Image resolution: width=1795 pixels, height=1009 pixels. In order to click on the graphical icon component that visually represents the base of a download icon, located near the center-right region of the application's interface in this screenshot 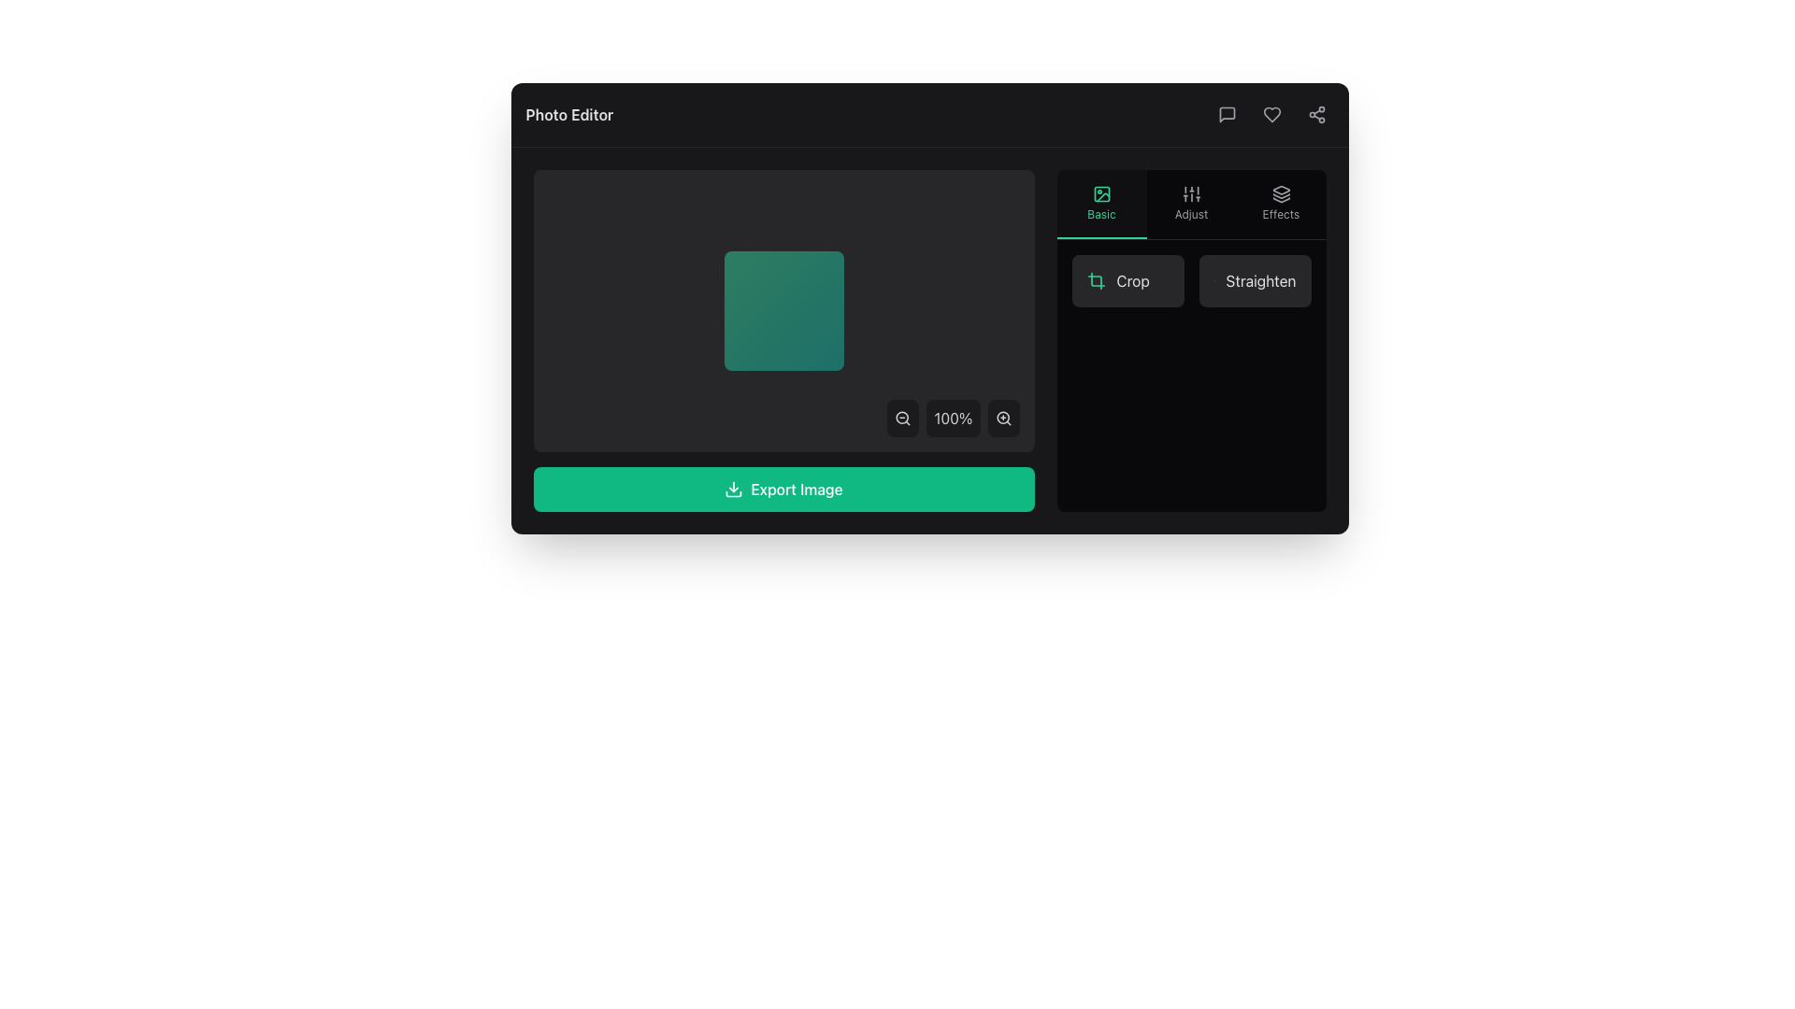, I will do `click(733, 492)`.